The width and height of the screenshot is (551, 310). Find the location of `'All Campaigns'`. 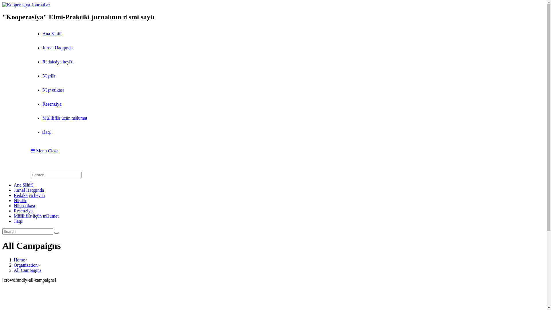

'All Campaigns' is located at coordinates (27, 270).